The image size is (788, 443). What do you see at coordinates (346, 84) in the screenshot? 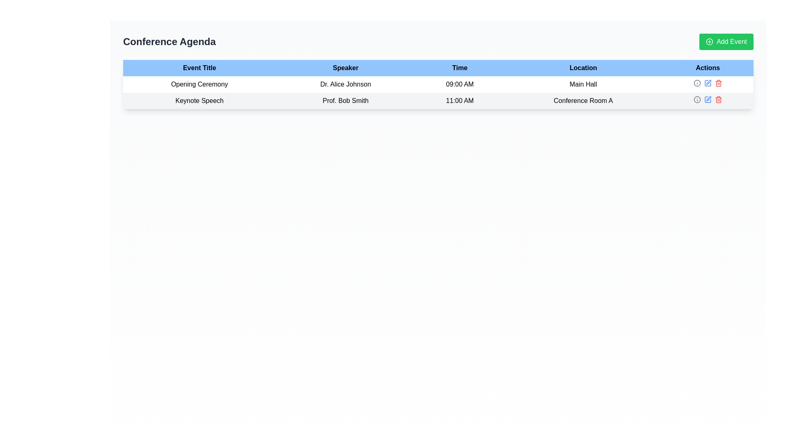
I see `the Text Label displaying 'Dr. Alice Johnson' in the 'Speaker' column of the 'Conference Agenda' table, located under the 'Opening Ceremony' event` at bounding box center [346, 84].